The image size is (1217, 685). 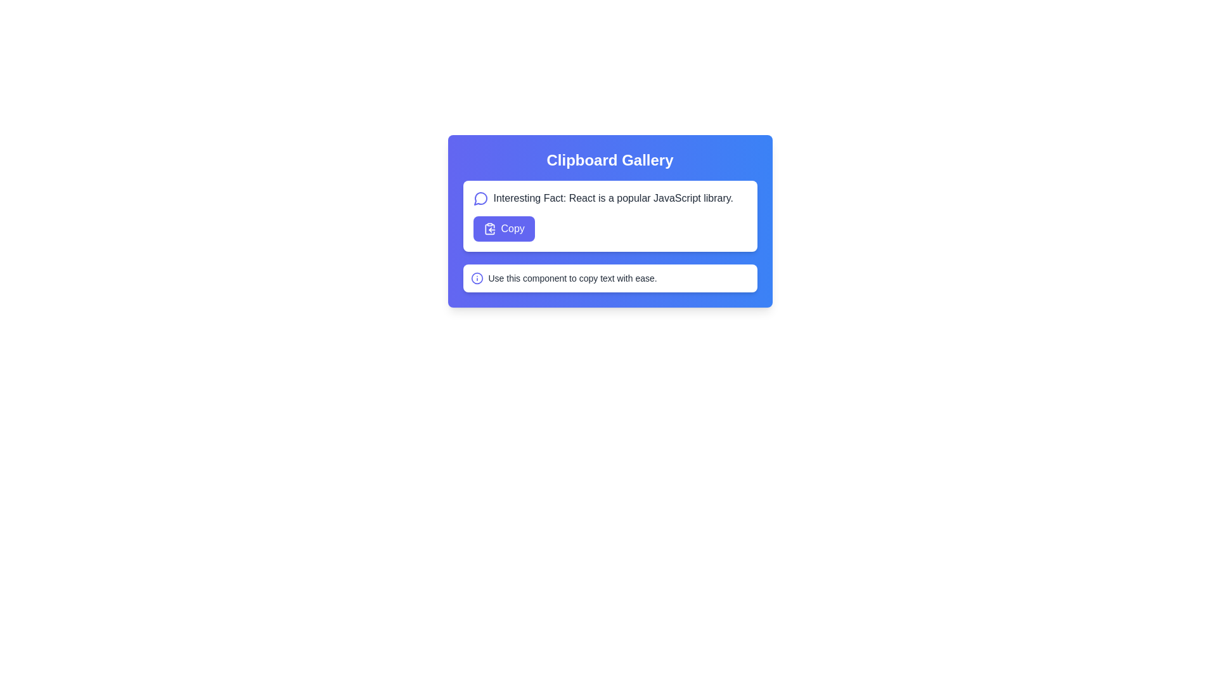 What do you see at coordinates (613, 198) in the screenshot?
I see `the static text displaying 'Interesting Fact: React is a popular JavaScript library.' which is styled with a gray font color and is part of a compact information component` at bounding box center [613, 198].